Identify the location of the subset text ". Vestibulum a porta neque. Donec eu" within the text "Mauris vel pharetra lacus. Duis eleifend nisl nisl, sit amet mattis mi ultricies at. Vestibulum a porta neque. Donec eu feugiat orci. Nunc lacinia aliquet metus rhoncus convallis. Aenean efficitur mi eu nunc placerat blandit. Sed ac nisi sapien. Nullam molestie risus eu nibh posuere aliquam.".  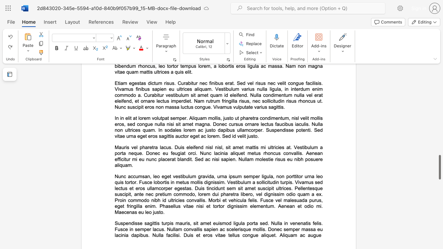
(290, 147).